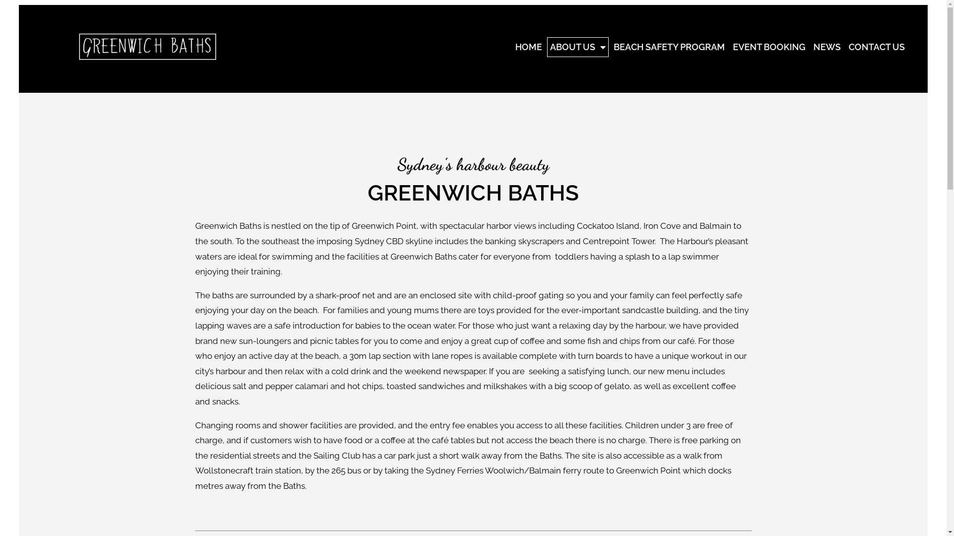 The image size is (954, 536). What do you see at coordinates (827, 47) in the screenshot?
I see `'NEWS'` at bounding box center [827, 47].